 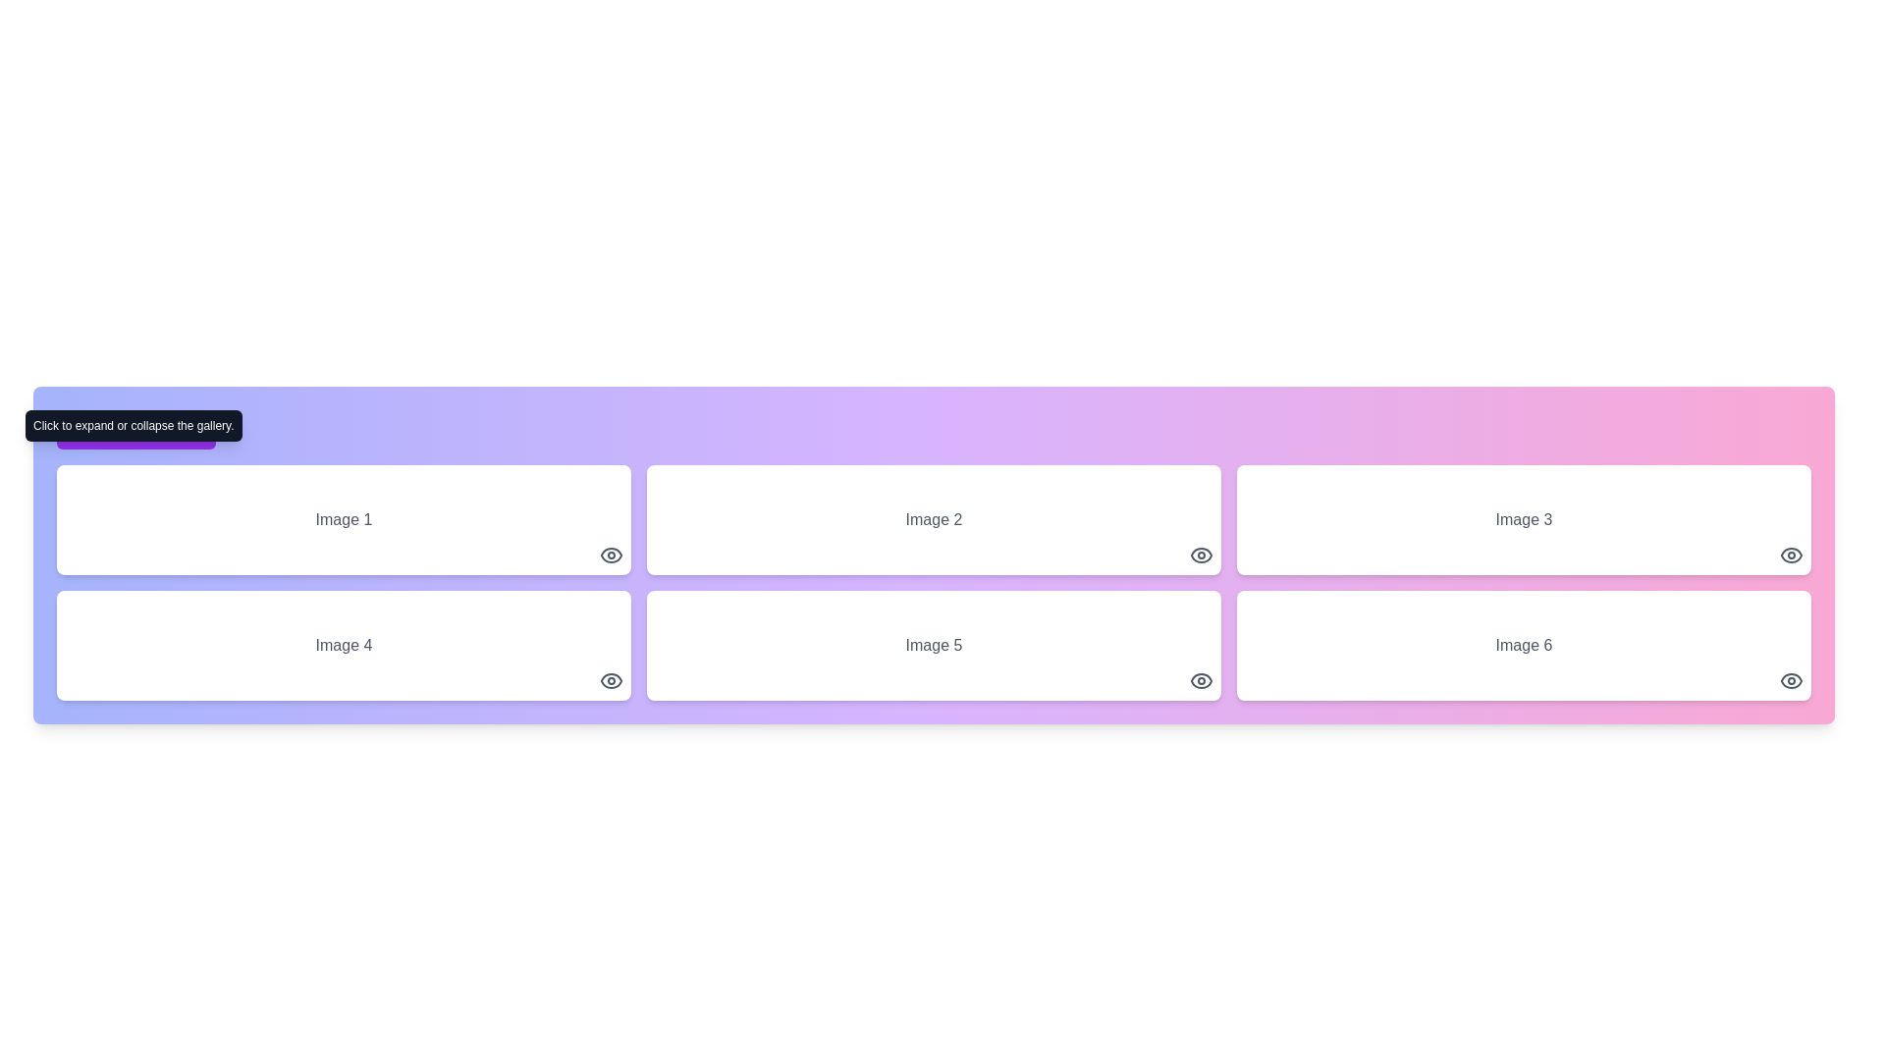 What do you see at coordinates (133, 425) in the screenshot?
I see `informational tooltip that describes the gallery's toggle functionality, located in the top-left section above the gallery toggler button` at bounding box center [133, 425].